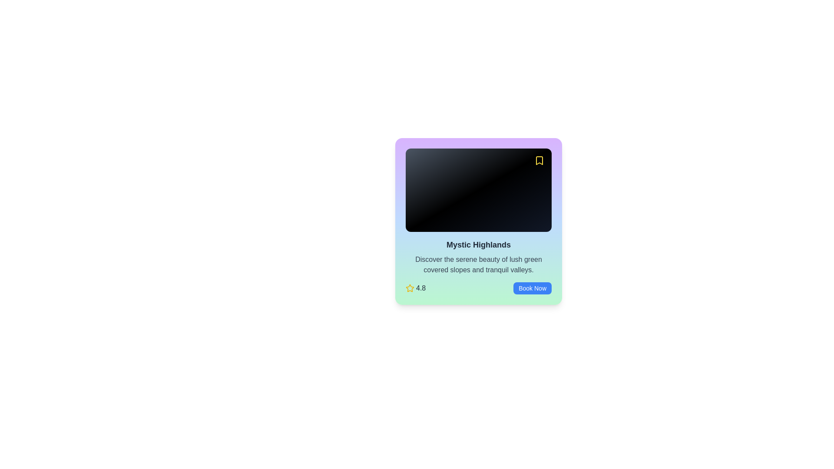 This screenshot has height=469, width=834. What do you see at coordinates (539, 161) in the screenshot?
I see `the small yellow bookmark icon at the top-right corner of the black rectangular area` at bounding box center [539, 161].